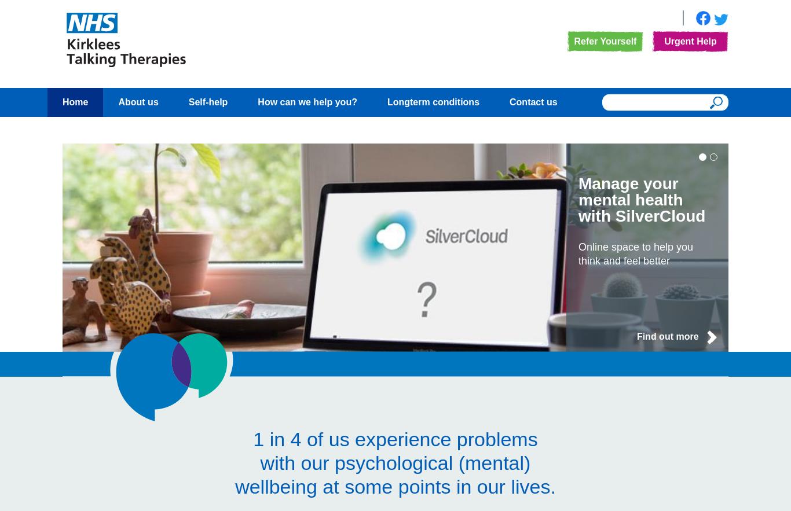 This screenshot has width=791, height=511. What do you see at coordinates (641, 200) in the screenshot?
I see `'Manage your mental health with SilverCloud'` at bounding box center [641, 200].